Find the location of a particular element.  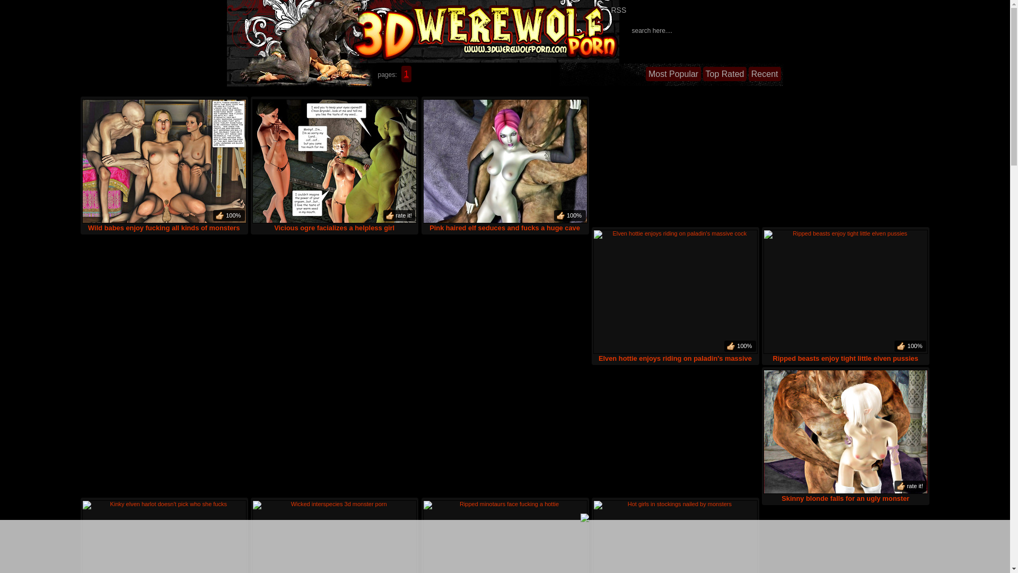

'Pink haired elf seduces and fucks a huge cave troll' is located at coordinates (504, 166).